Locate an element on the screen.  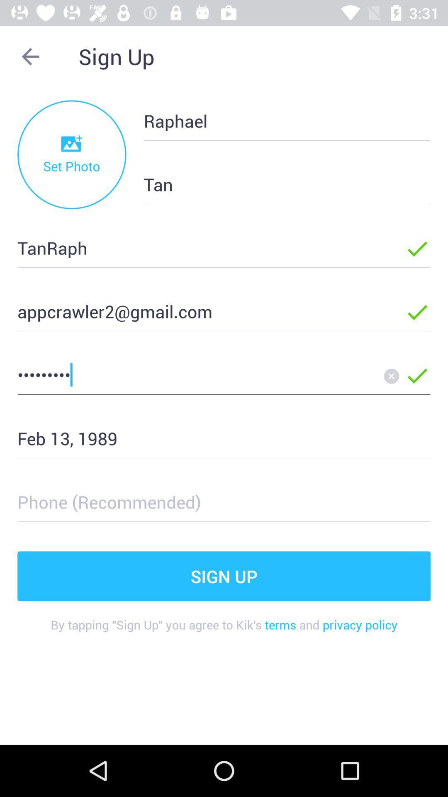
the raphael icon is located at coordinates (274, 120).